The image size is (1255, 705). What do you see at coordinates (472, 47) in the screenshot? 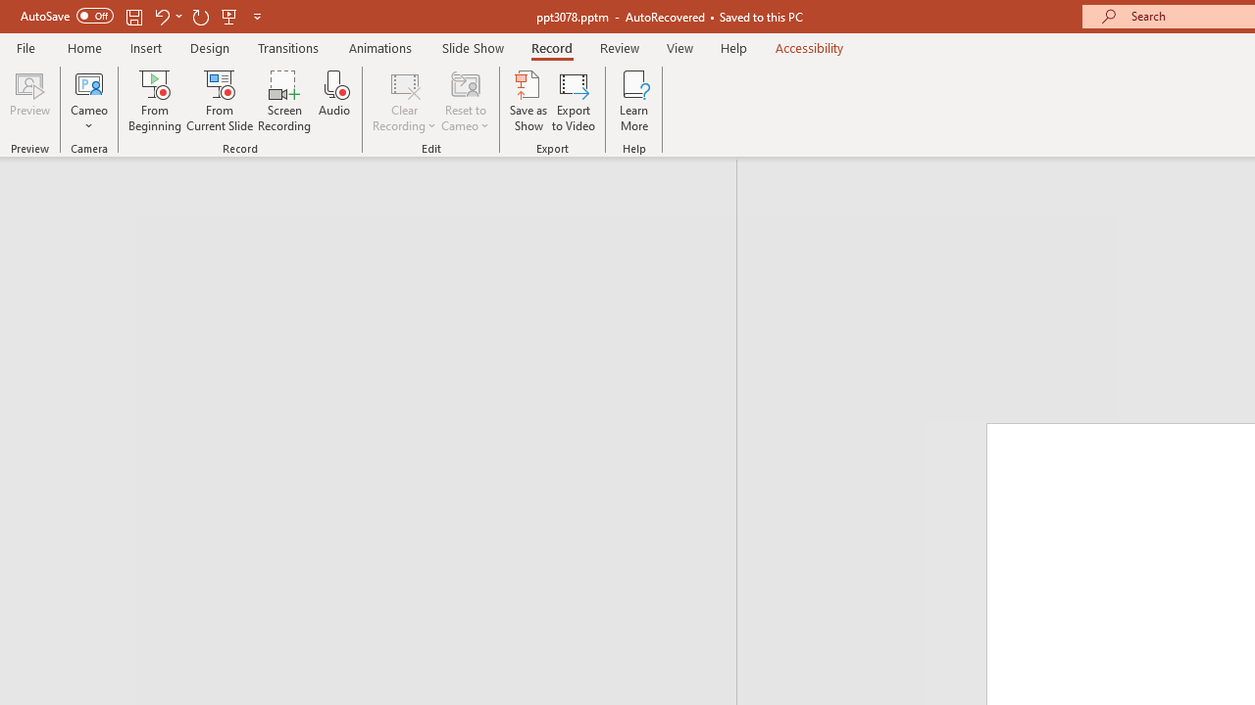
I see `'Slide Show'` at bounding box center [472, 47].